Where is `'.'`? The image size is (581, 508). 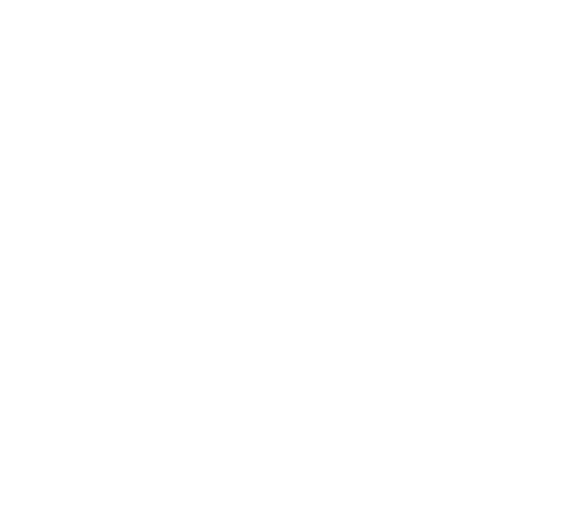 '.' is located at coordinates (347, 248).